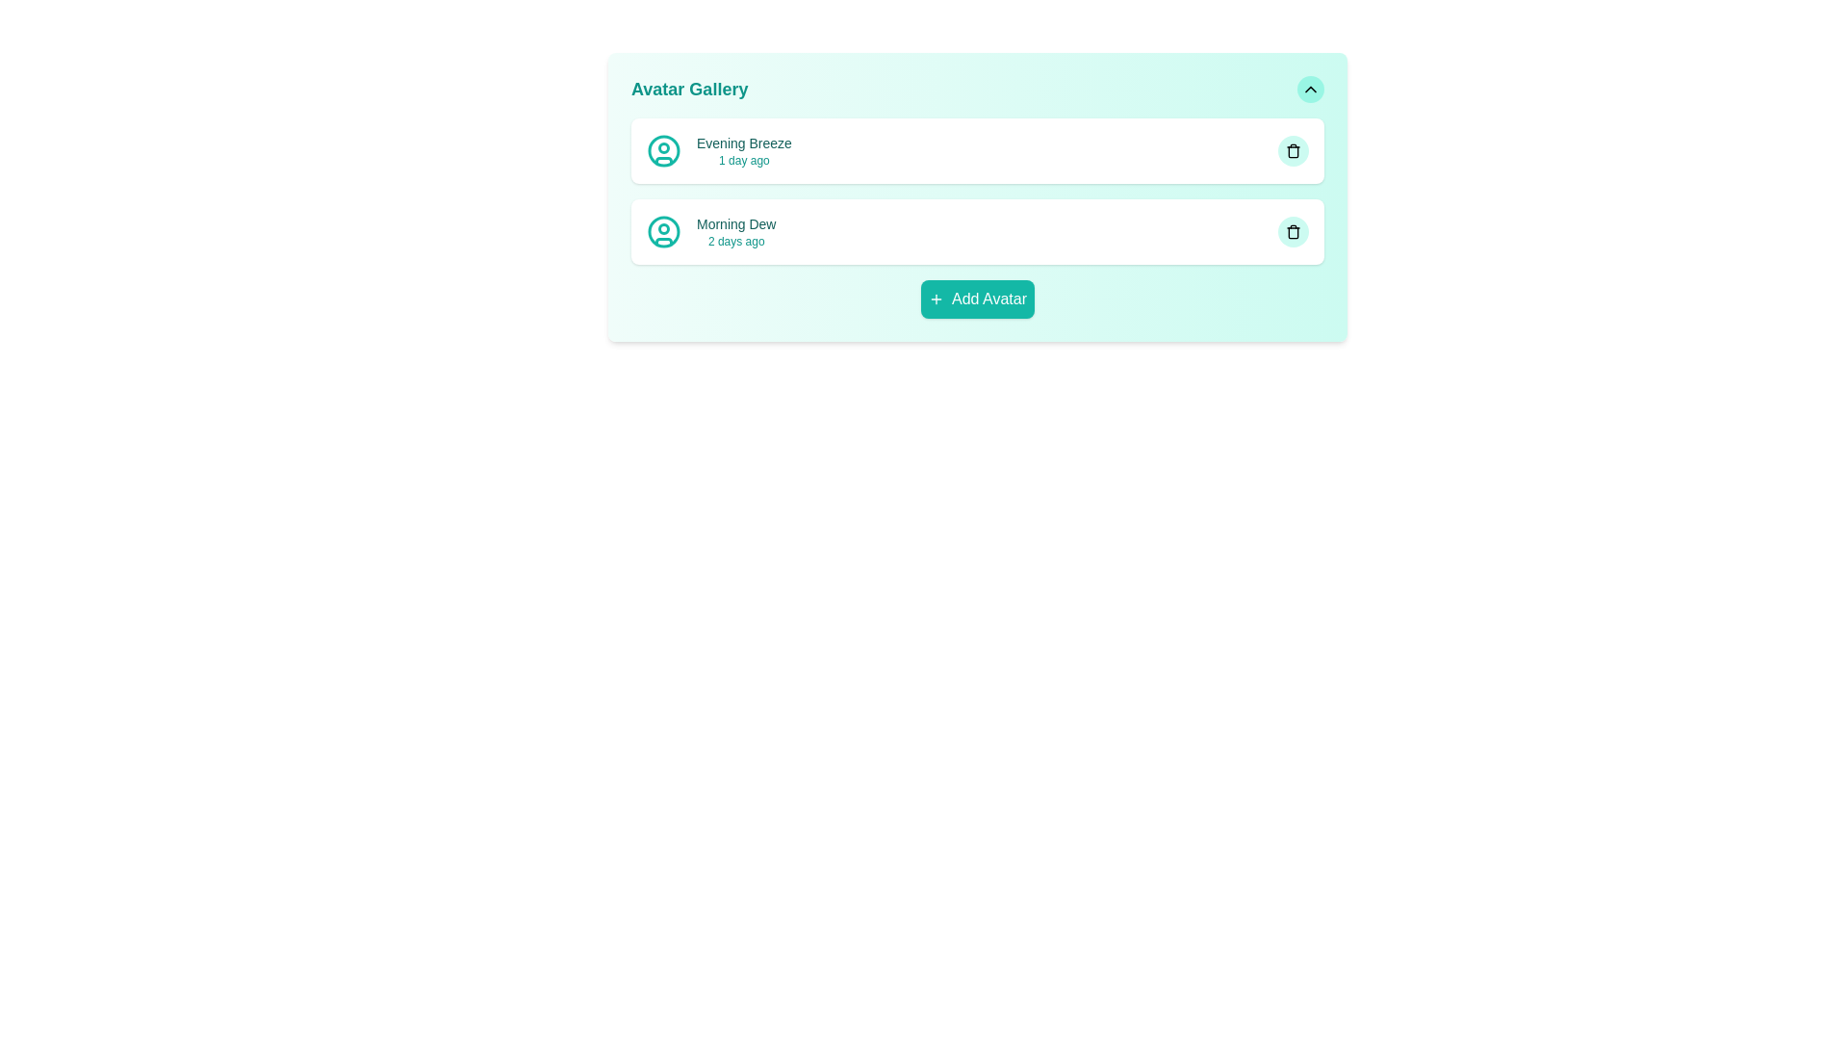 The width and height of the screenshot is (1848, 1040). Describe the element at coordinates (710, 230) in the screenshot. I see `the Profile item entry` at that location.